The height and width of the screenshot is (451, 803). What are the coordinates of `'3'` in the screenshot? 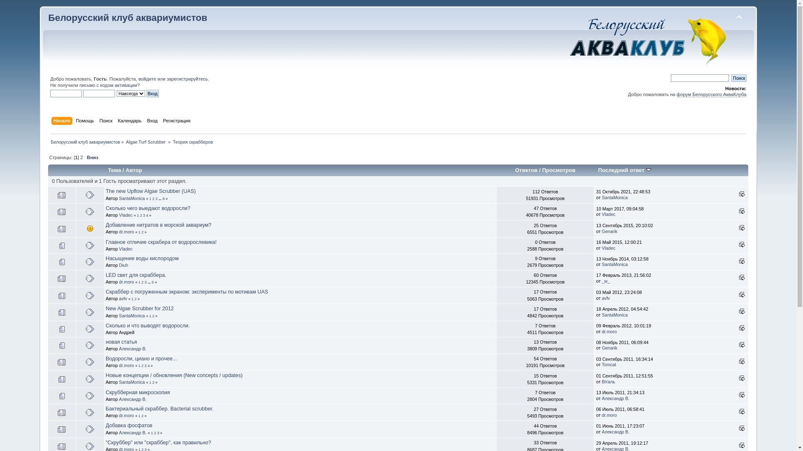 It's located at (146, 282).